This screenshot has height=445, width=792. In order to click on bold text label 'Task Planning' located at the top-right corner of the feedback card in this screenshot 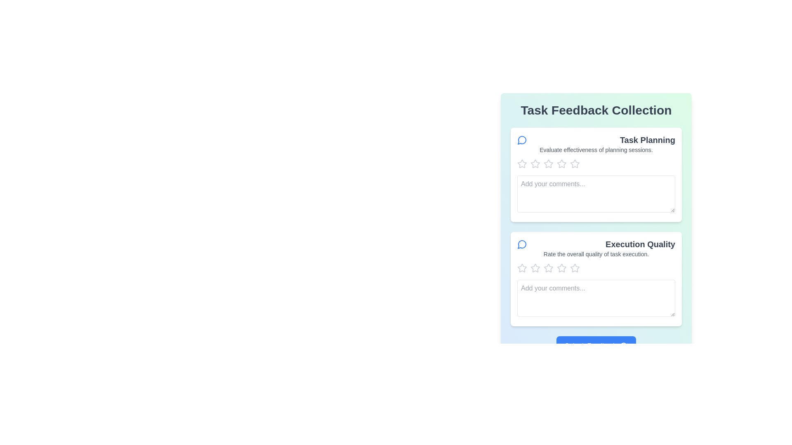, I will do `click(647, 139)`.